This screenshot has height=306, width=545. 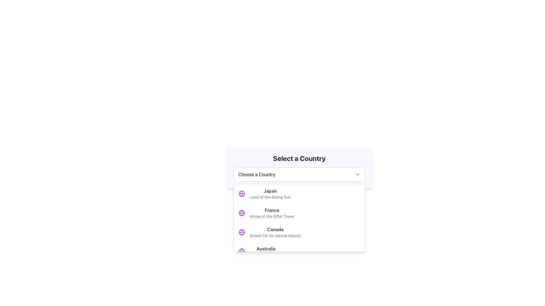 What do you see at coordinates (242, 232) in the screenshot?
I see `the circle component of the globe icon, which is located to the left of the 'Japan' dropdown item` at bounding box center [242, 232].